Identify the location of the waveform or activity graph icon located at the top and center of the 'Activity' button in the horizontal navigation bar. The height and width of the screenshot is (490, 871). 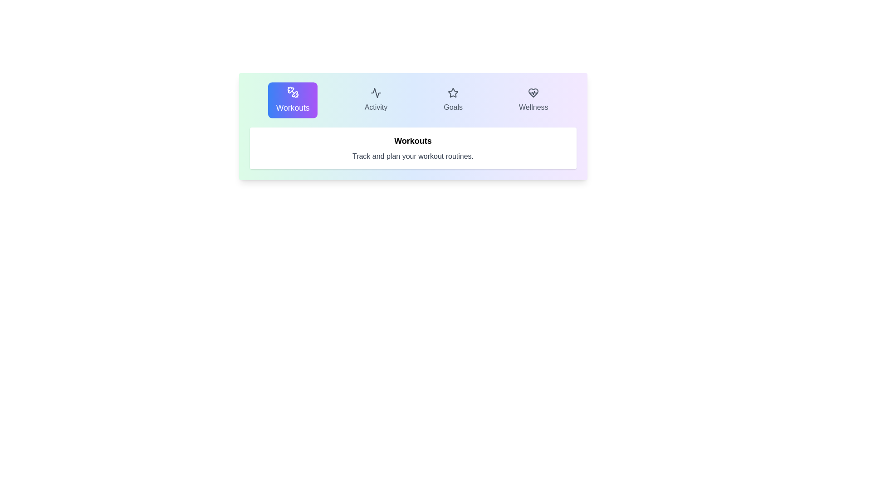
(376, 93).